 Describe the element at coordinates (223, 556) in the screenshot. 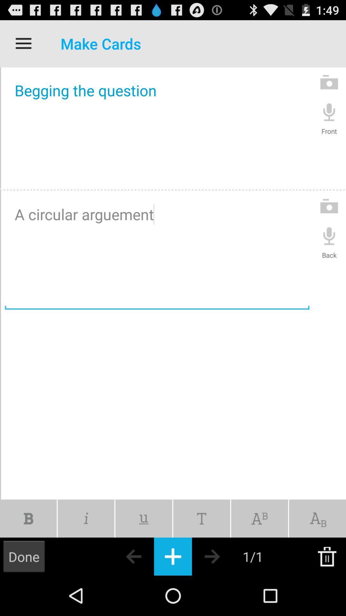

I see `icon next to 1/1` at that location.